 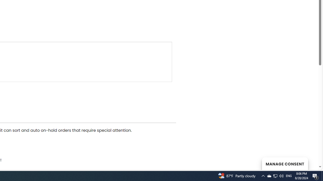 I want to click on 'MANAGE CONSENT', so click(x=285, y=163).